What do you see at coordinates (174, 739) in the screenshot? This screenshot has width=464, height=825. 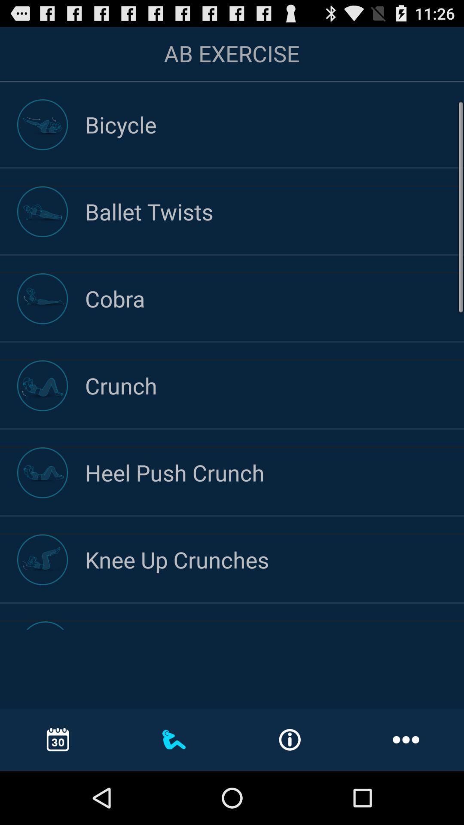 I see `the second button from bottom left corner of the page` at bounding box center [174, 739].